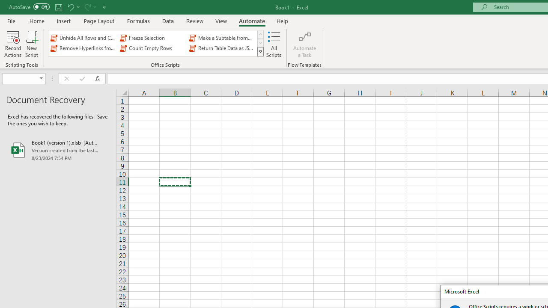 Image resolution: width=548 pixels, height=308 pixels. What do you see at coordinates (153, 48) in the screenshot?
I see `'Count Empty Rows'` at bounding box center [153, 48].